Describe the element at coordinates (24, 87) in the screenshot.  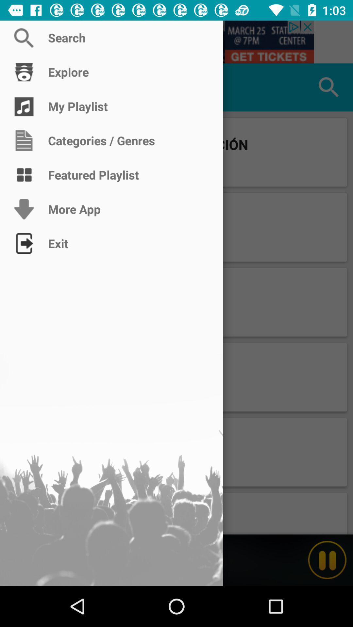
I see `explore app` at that location.